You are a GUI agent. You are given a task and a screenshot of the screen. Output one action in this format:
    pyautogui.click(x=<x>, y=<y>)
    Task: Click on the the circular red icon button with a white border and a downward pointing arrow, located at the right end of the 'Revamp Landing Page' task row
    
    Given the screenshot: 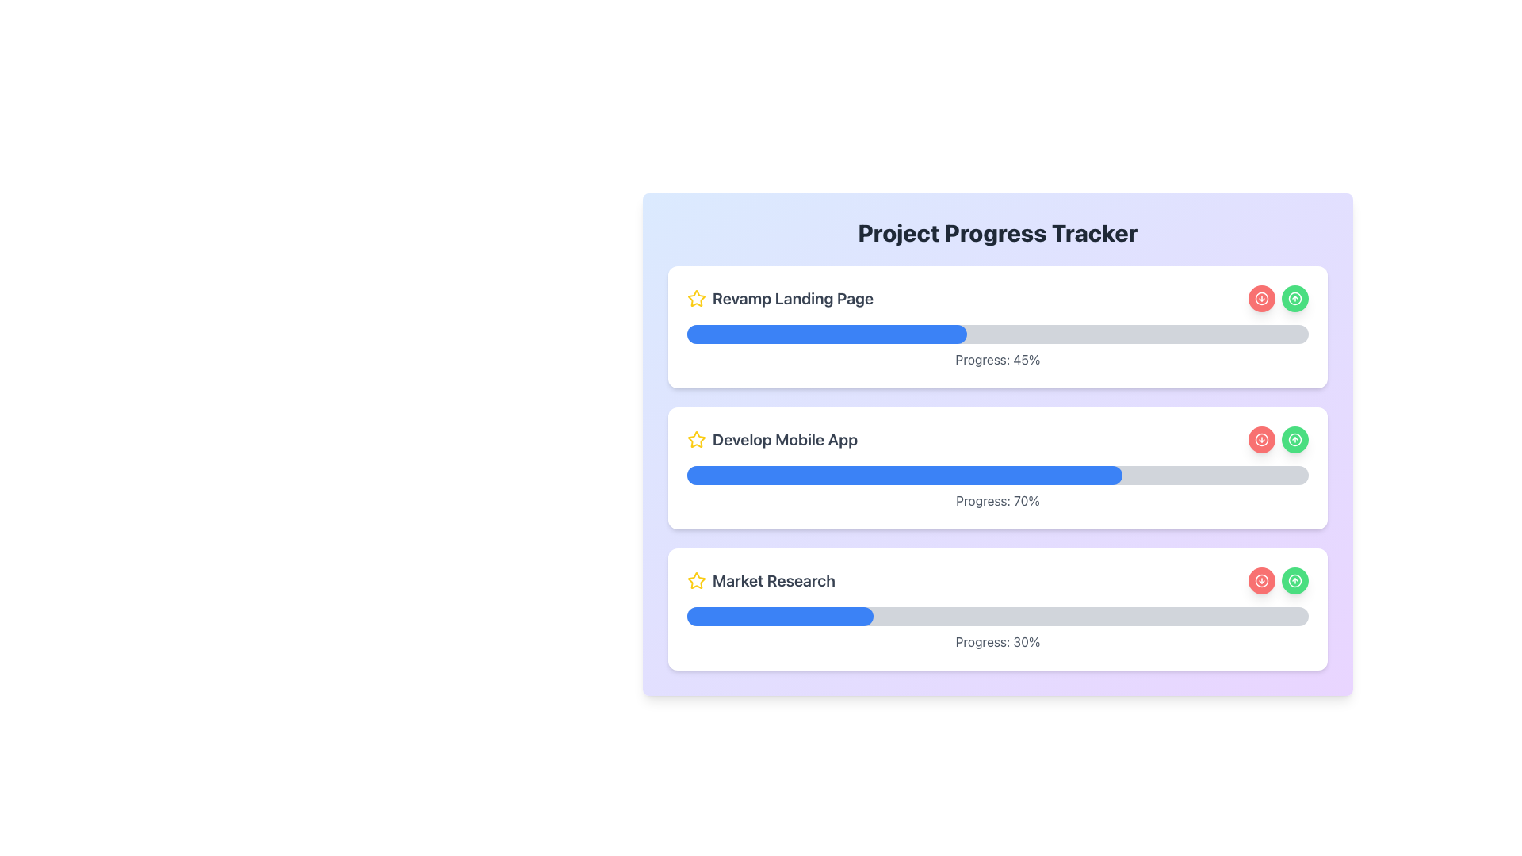 What is the action you would take?
    pyautogui.click(x=1261, y=299)
    